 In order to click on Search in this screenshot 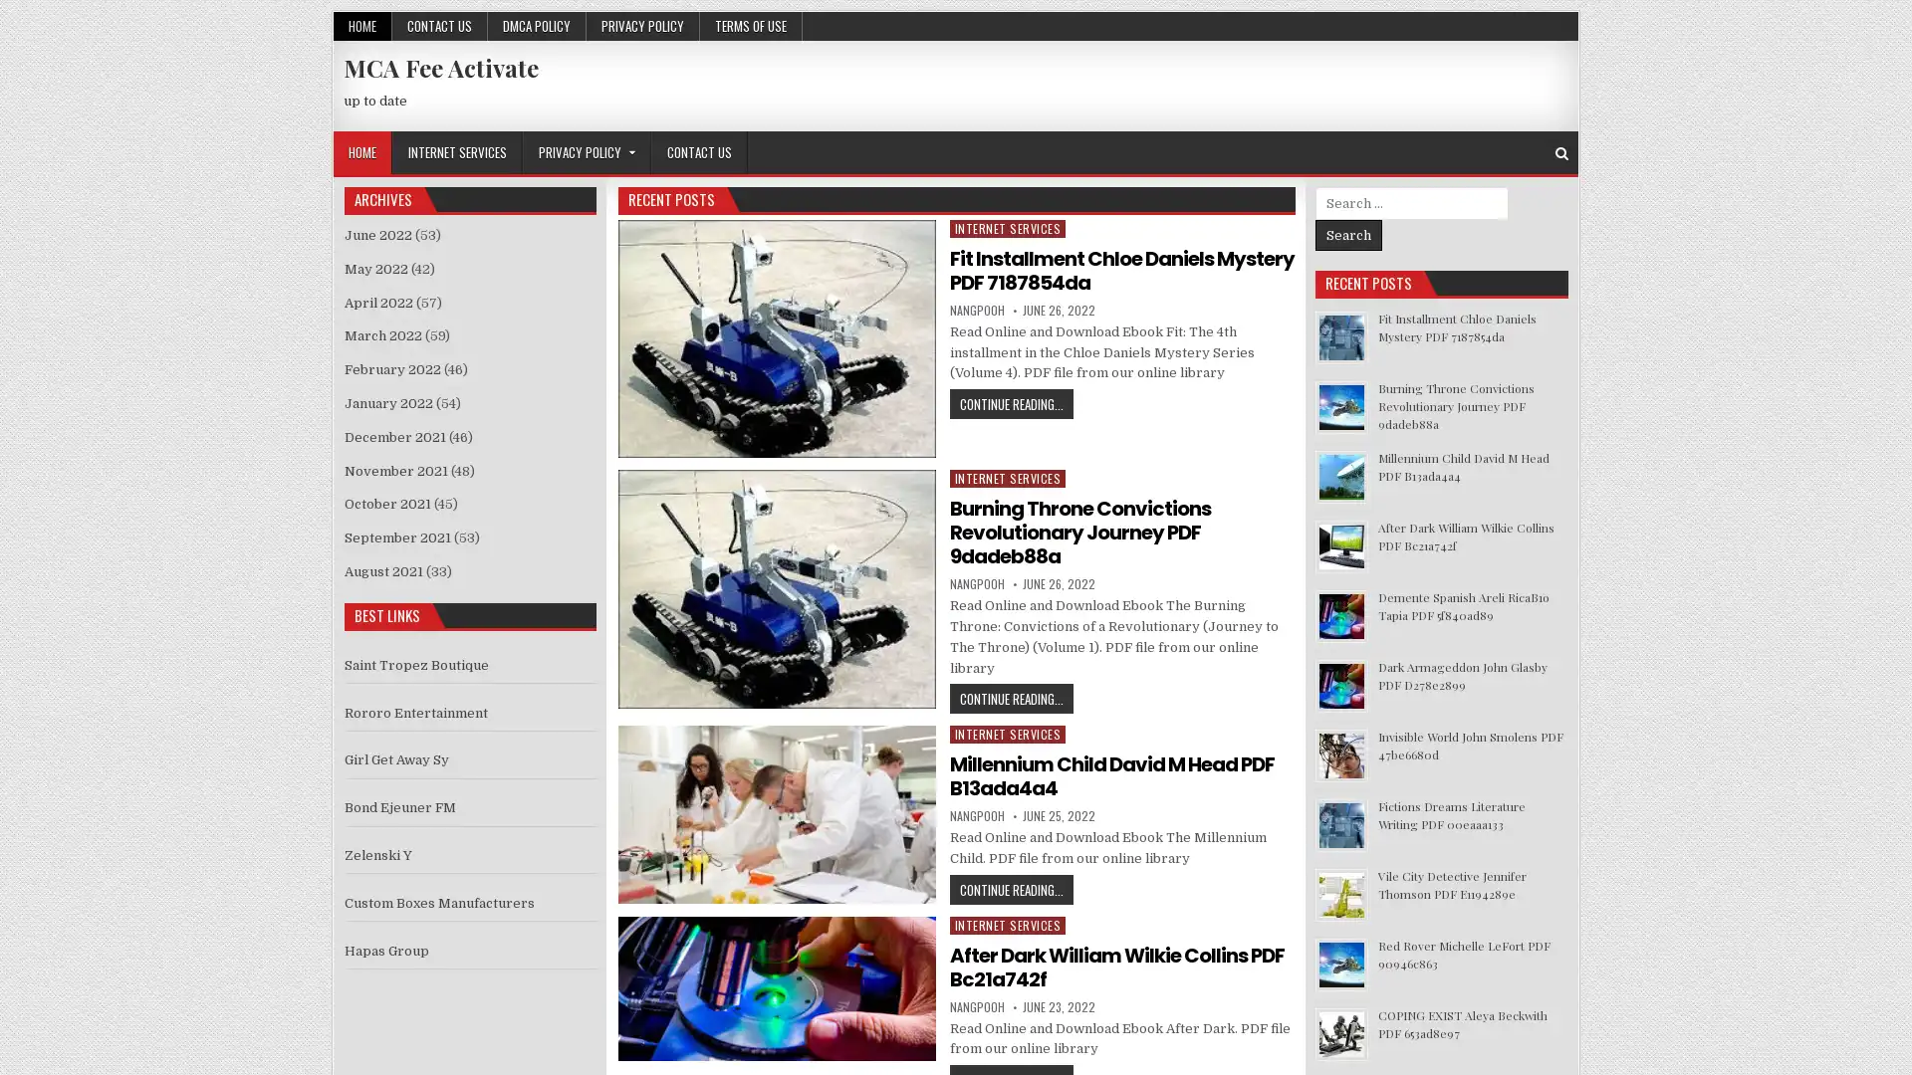, I will do `click(1348, 234)`.